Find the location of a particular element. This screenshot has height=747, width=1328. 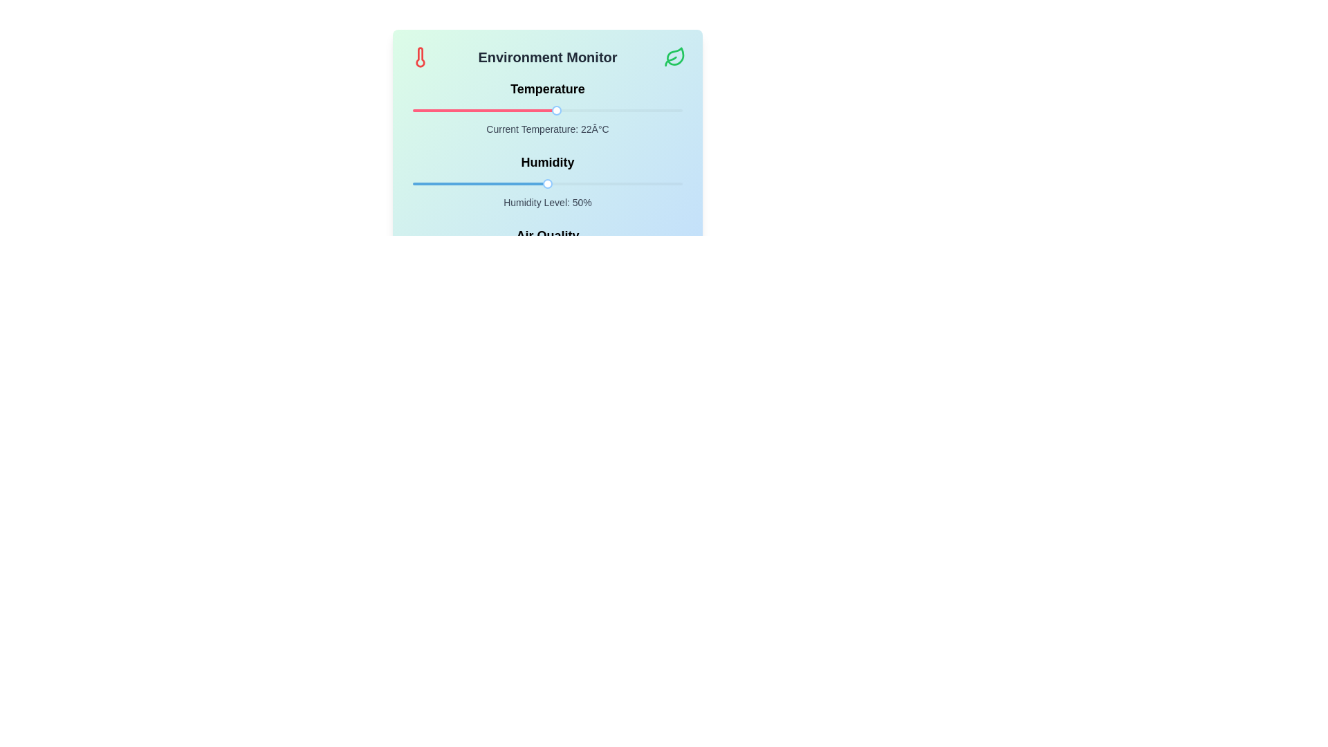

the temperature is located at coordinates (606, 109).